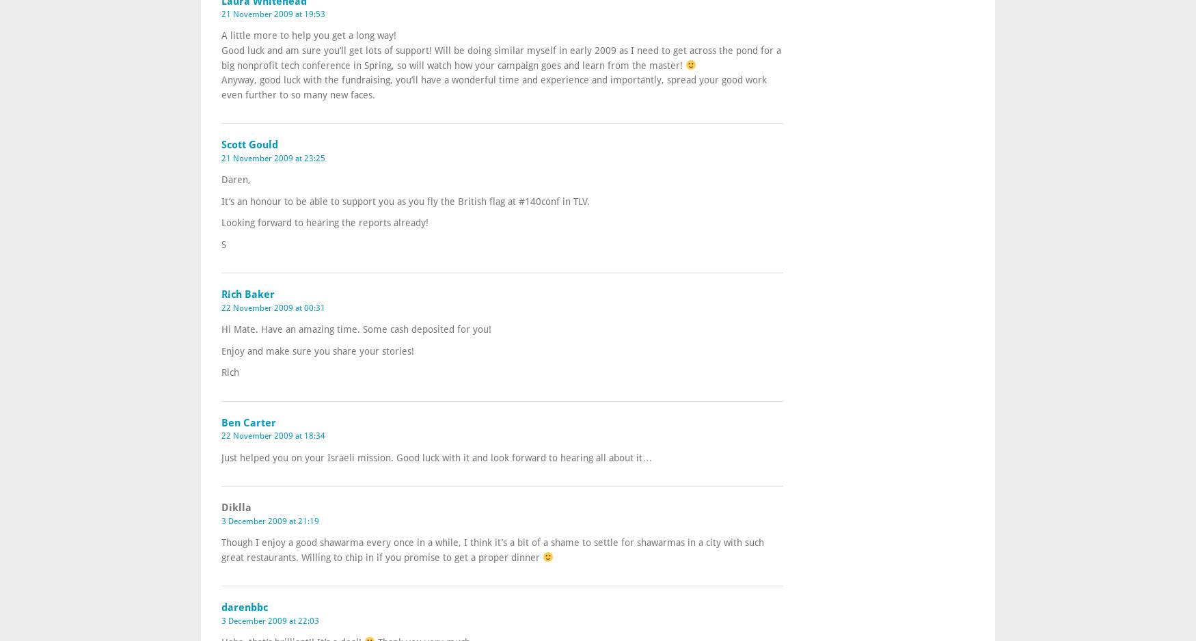  What do you see at coordinates (221, 372) in the screenshot?
I see `'Rich'` at bounding box center [221, 372].